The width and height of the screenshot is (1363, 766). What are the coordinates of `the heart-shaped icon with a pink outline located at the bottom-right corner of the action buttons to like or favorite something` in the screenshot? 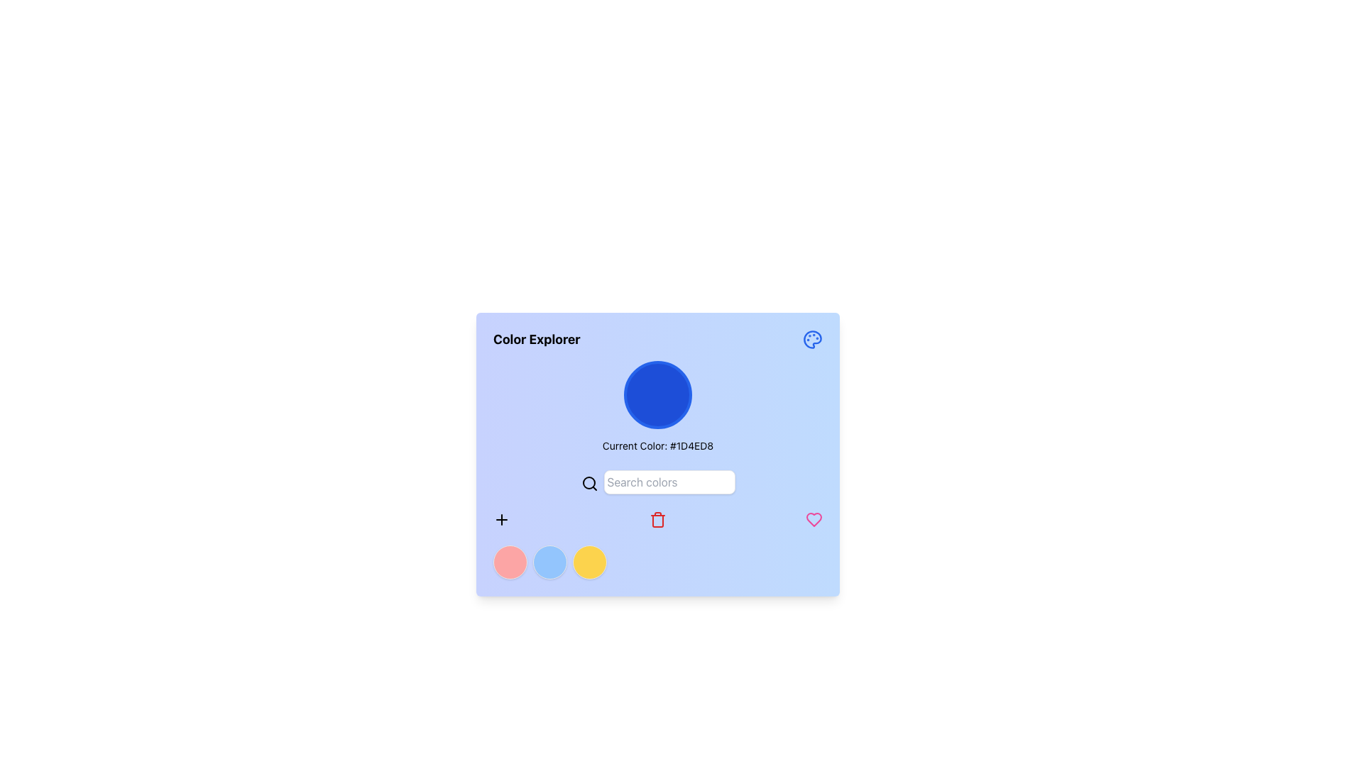 It's located at (814, 519).